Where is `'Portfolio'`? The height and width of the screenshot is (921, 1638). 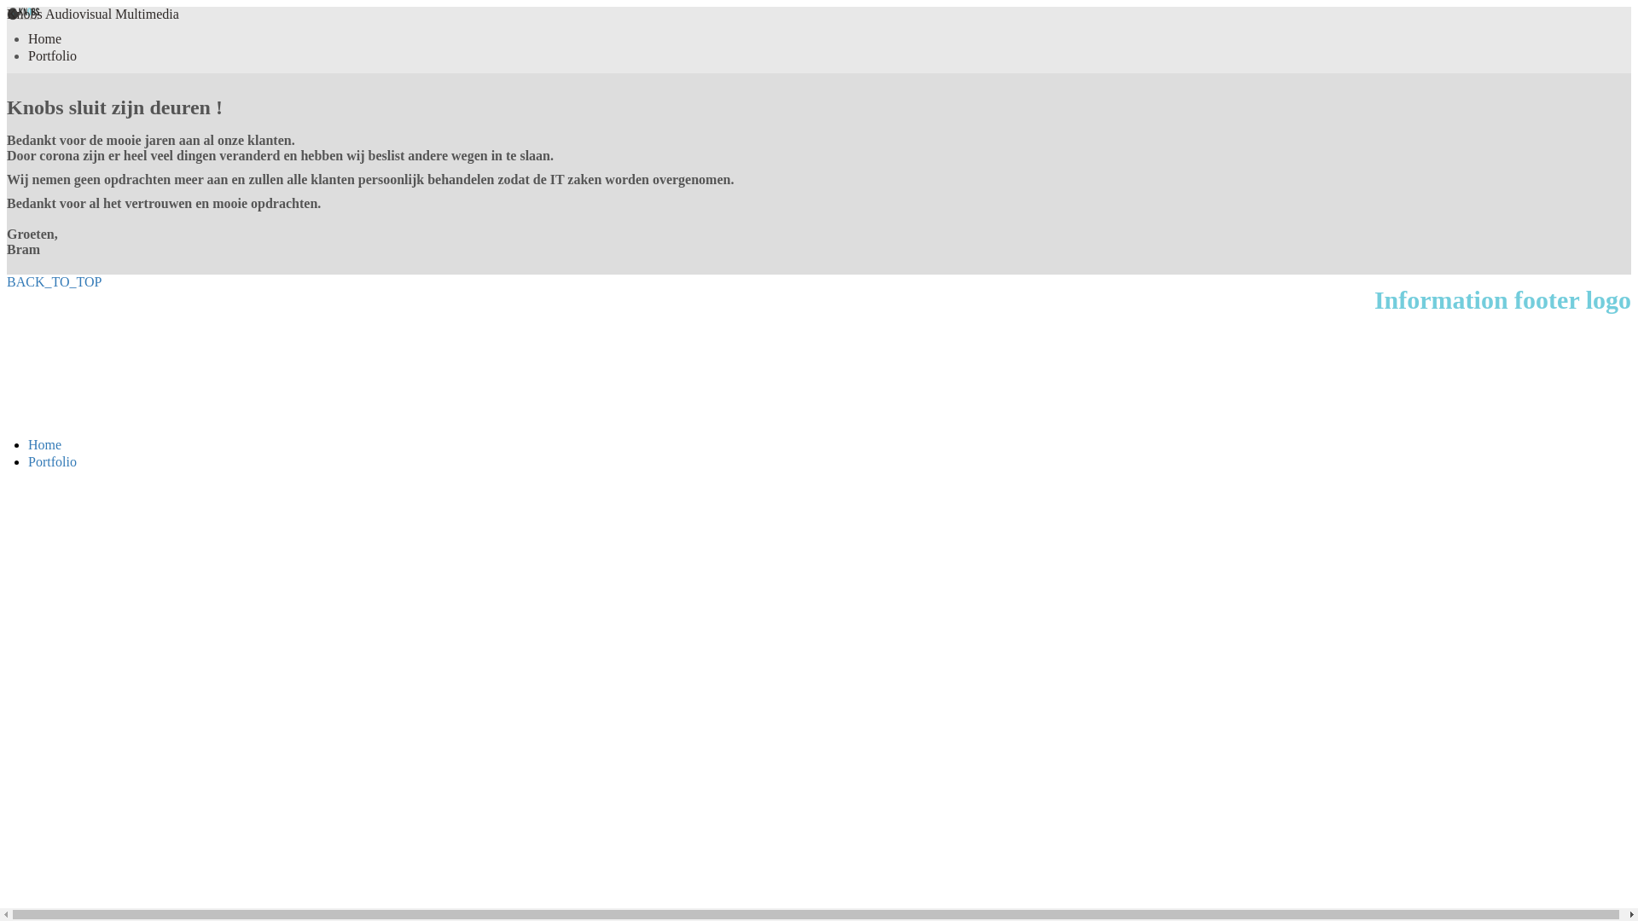
'Portfolio' is located at coordinates (52, 461).